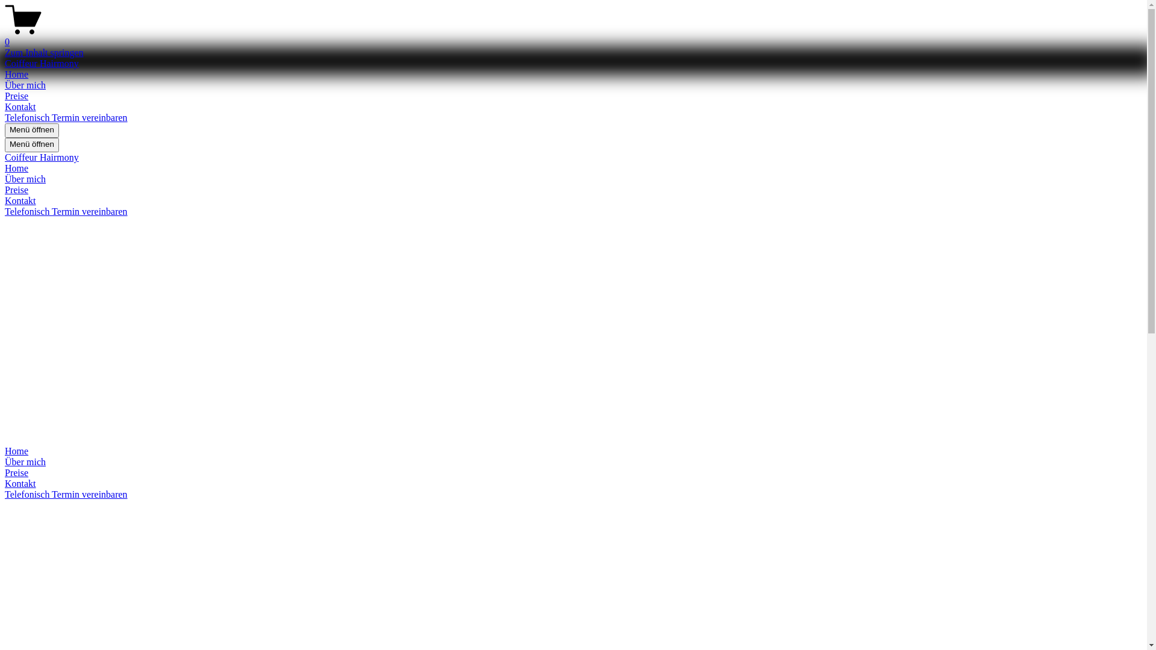 The width and height of the screenshot is (1156, 650). Describe the element at coordinates (16, 74) in the screenshot. I see `'Home'` at that location.